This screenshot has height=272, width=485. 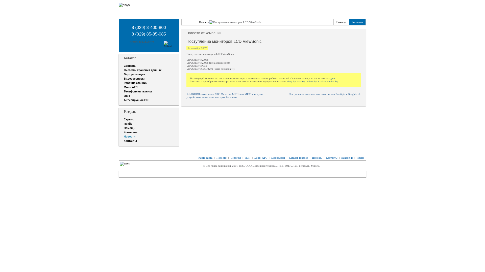 I want to click on 'catalog.onliner.by', so click(x=306, y=81).